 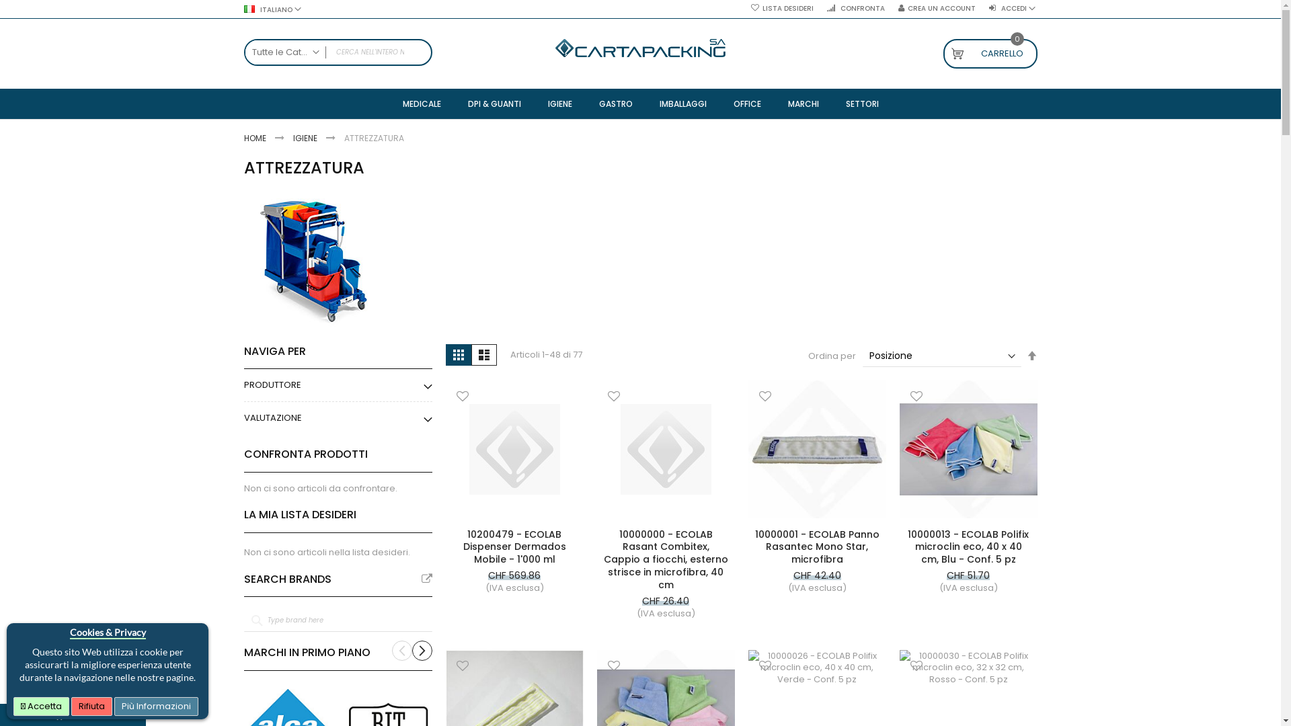 I want to click on 'Accetta', so click(x=41, y=705).